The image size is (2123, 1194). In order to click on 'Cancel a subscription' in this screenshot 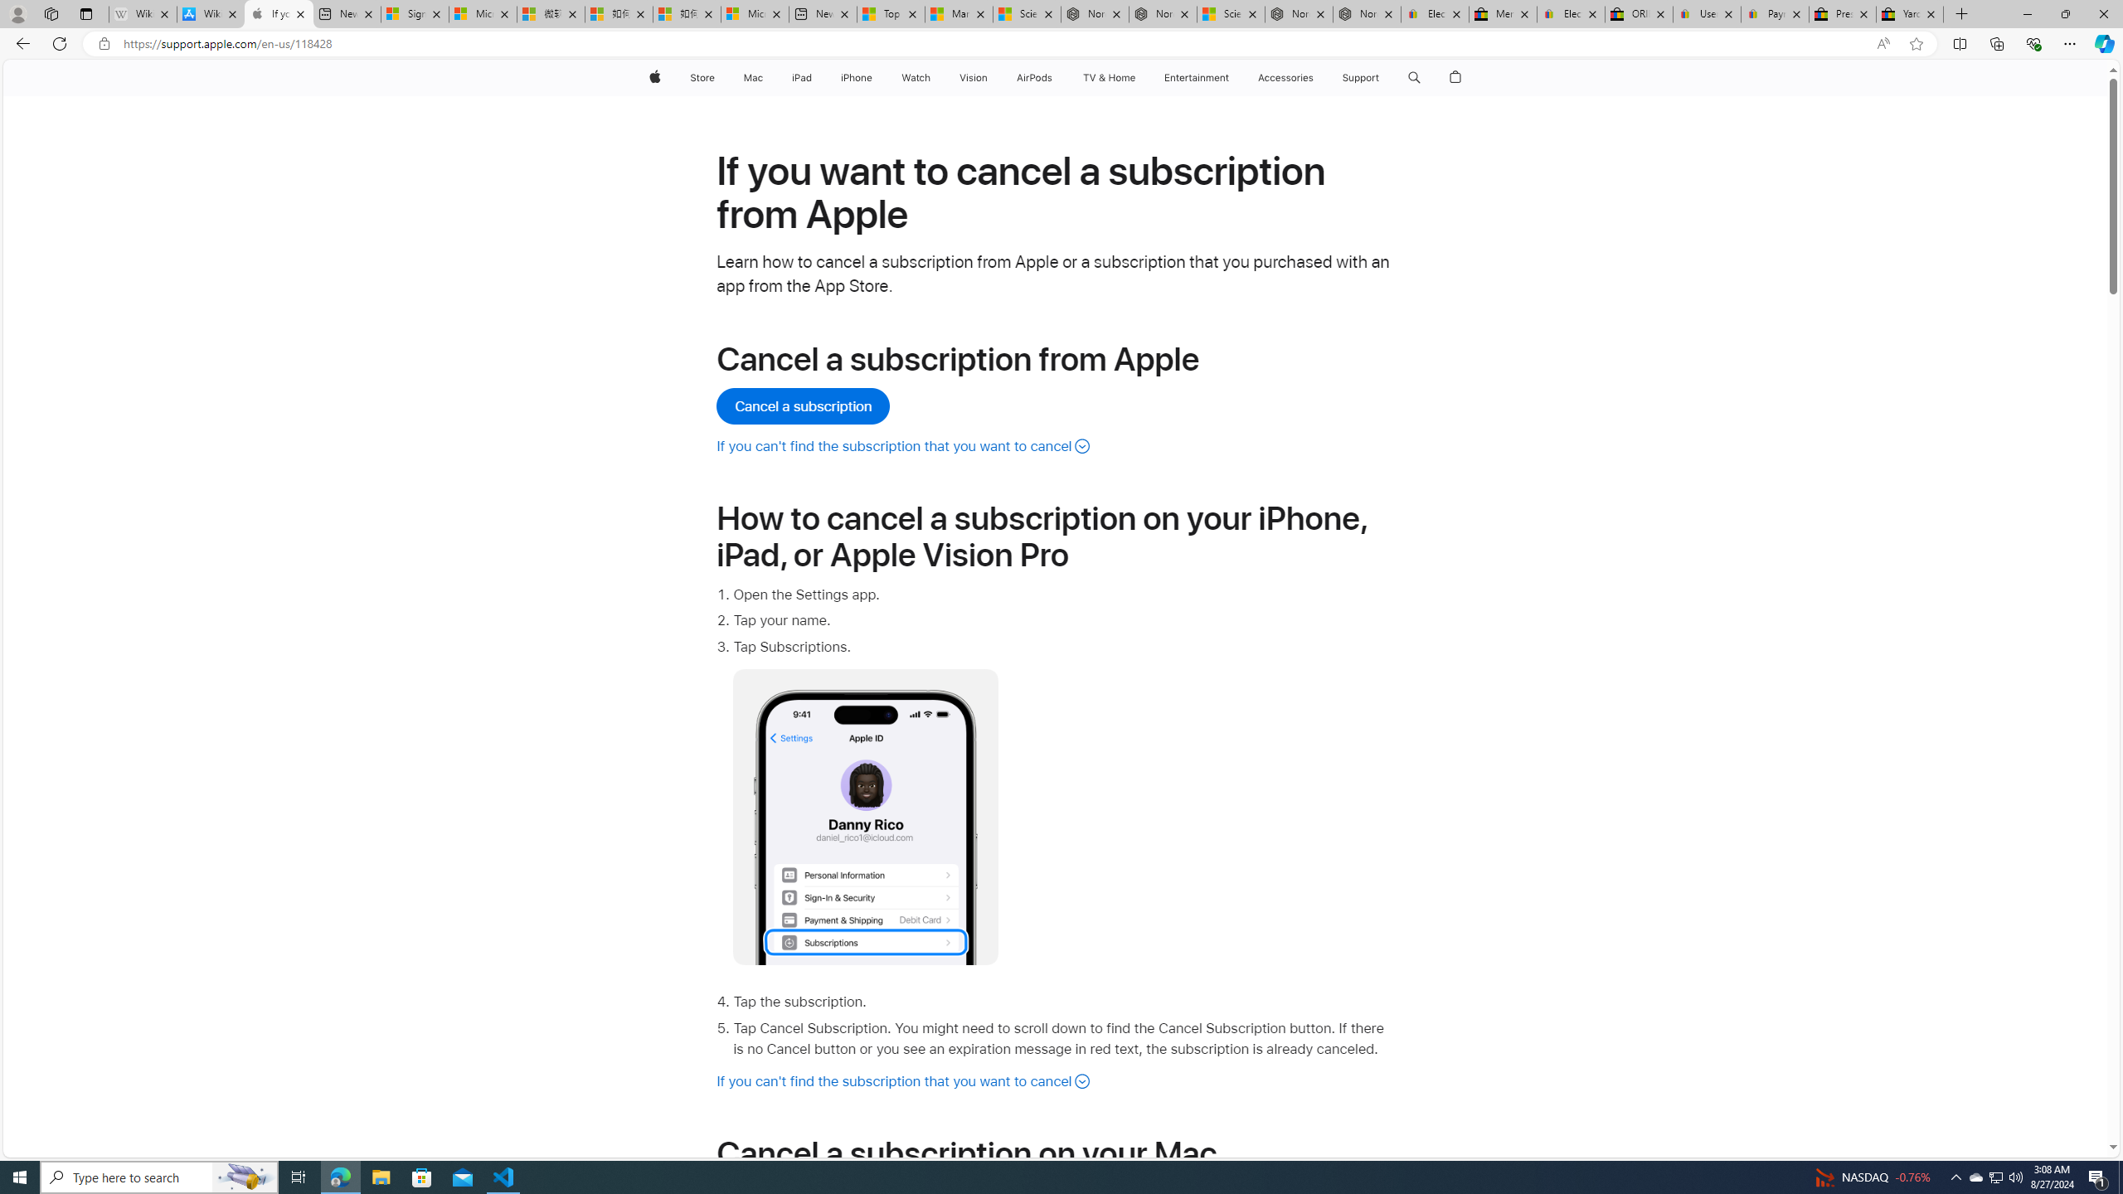, I will do `click(804, 406)`.